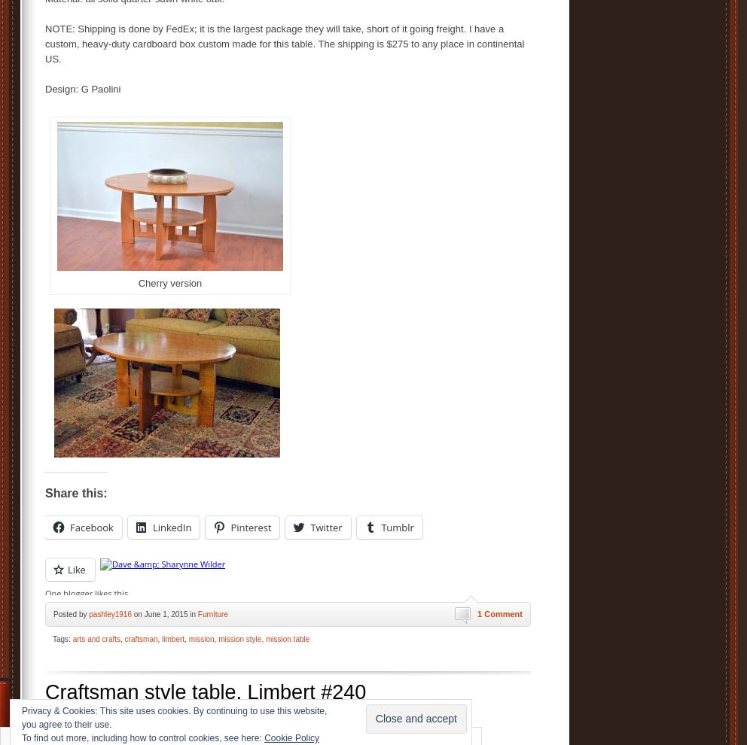  What do you see at coordinates (45, 44) in the screenshot?
I see `'NOTE: Shipping is done by FedEx; it is the largest package they will take, short of it going freight. I have a custom, heavy-duty cardboard box custom made for this table. The shipping is $275 to any place in continental US.'` at bounding box center [45, 44].